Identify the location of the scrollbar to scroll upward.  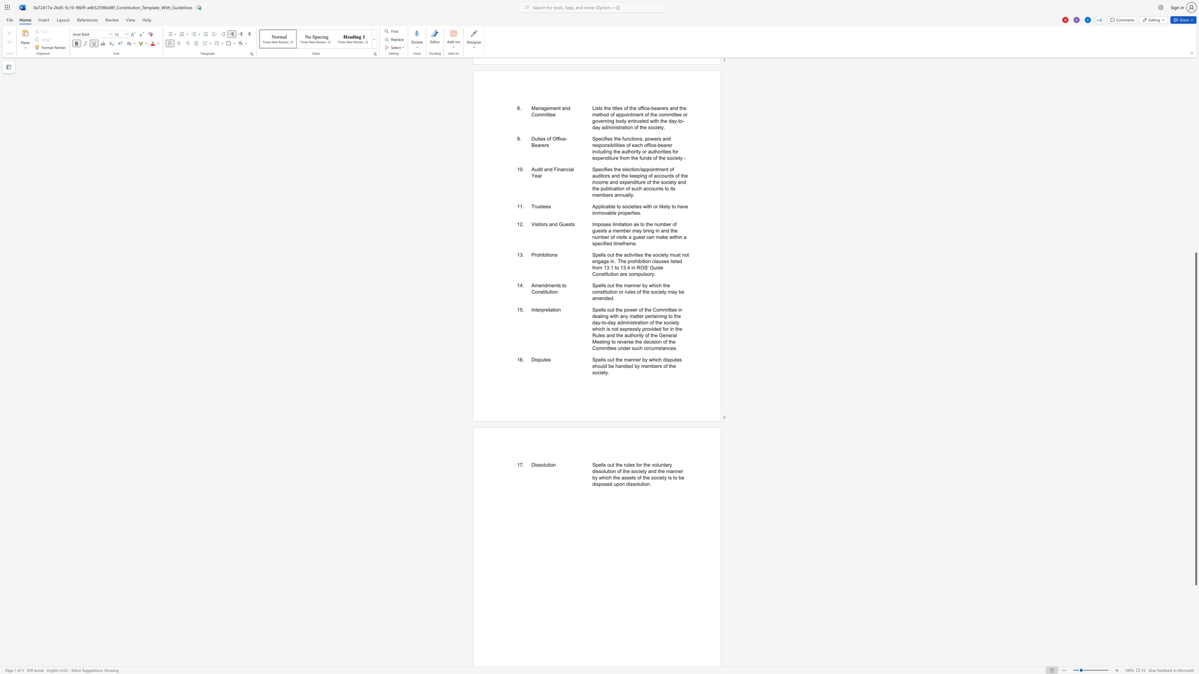
(1195, 103).